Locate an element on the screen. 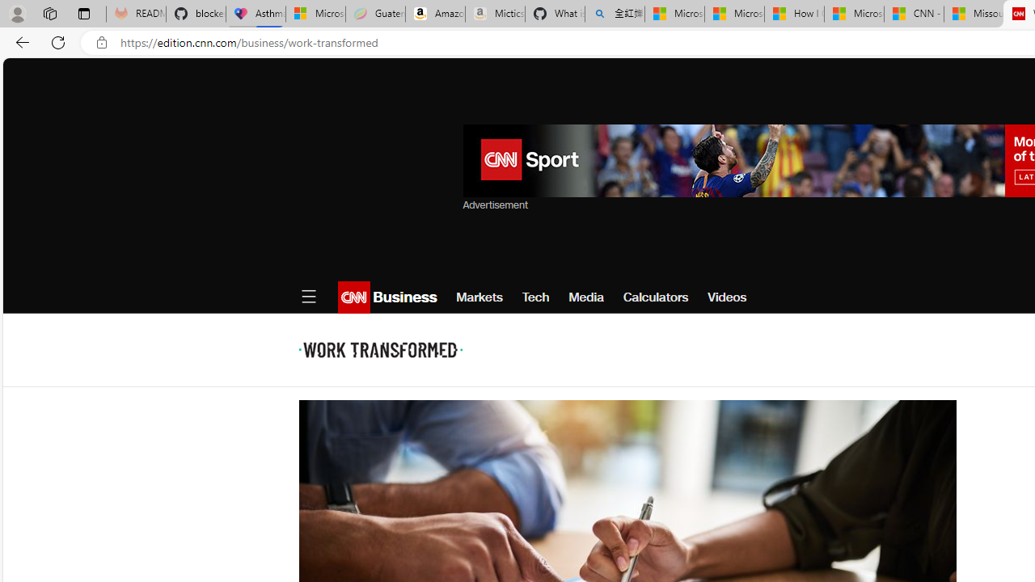  'Media' is located at coordinates (585, 297).